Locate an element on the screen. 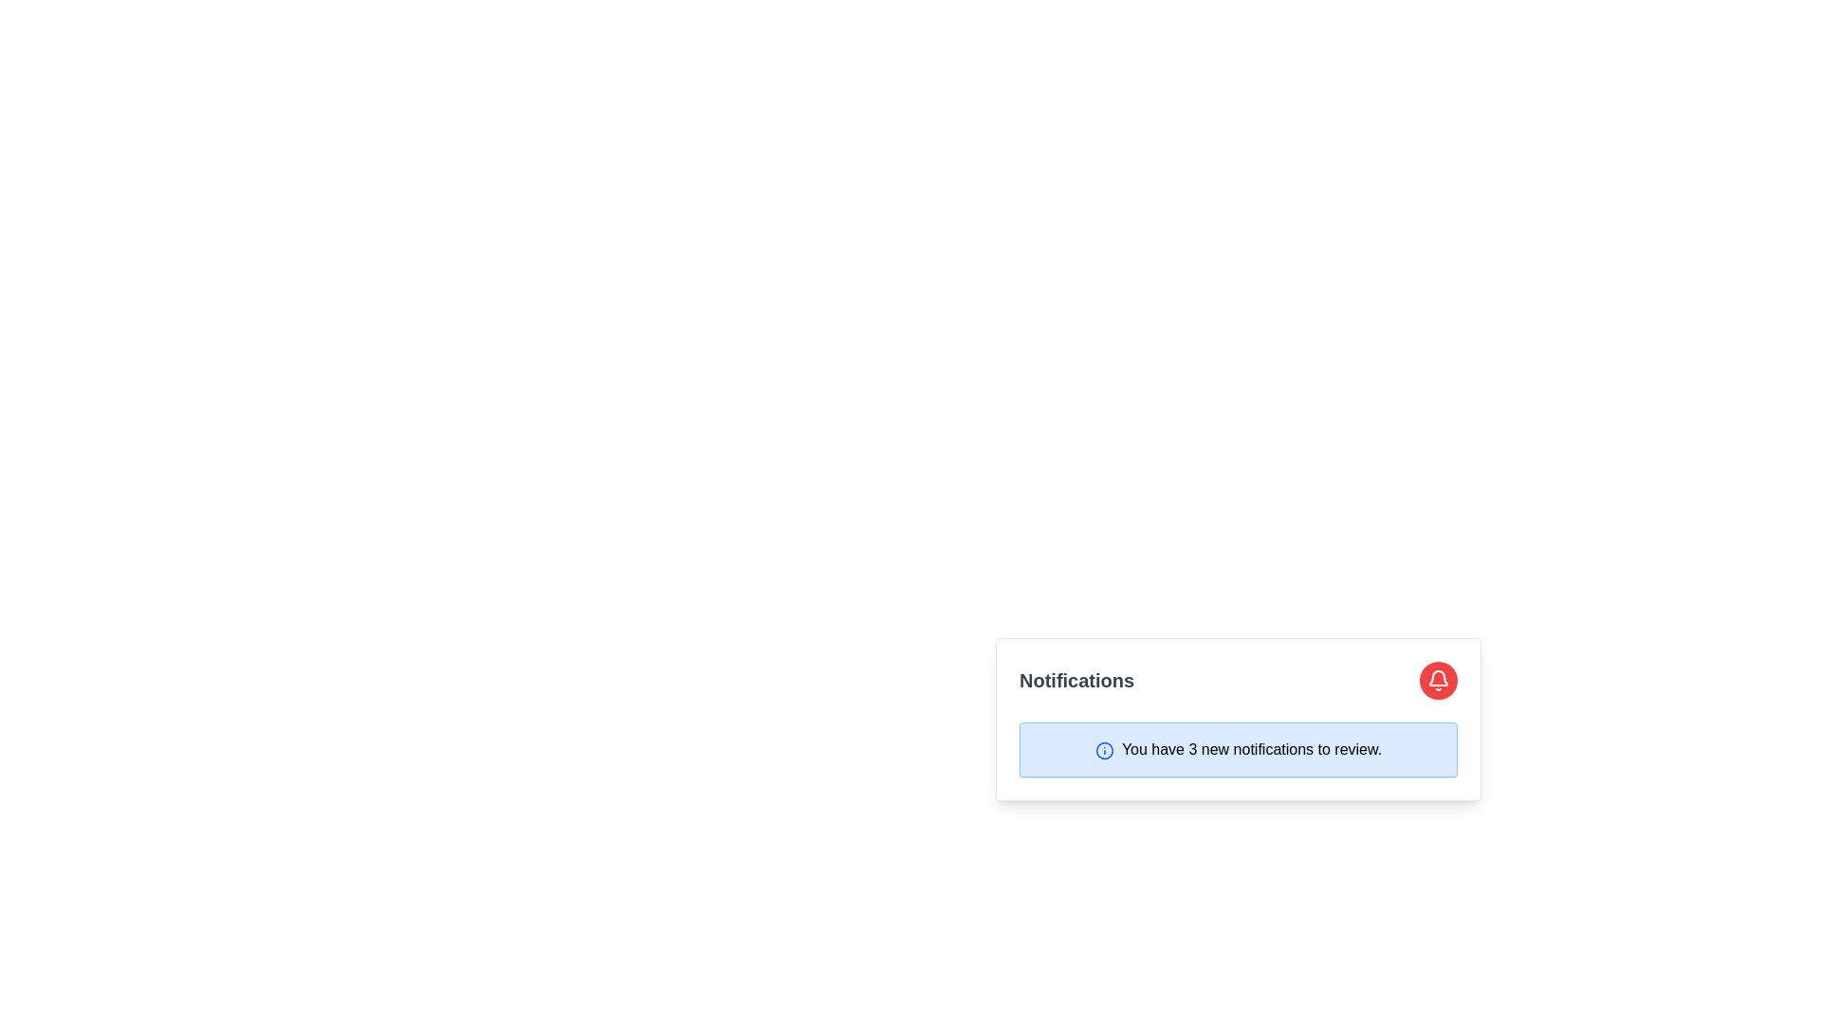  the Text Display that shows notification summaries located below the 'Notifications' header is located at coordinates (1238, 748).